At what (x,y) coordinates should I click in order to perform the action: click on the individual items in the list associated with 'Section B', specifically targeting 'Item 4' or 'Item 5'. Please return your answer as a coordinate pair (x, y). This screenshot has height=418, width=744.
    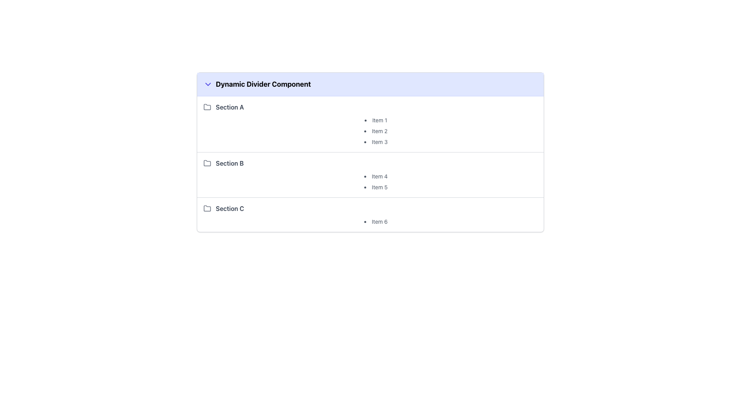
    Looking at the image, I should click on (370, 182).